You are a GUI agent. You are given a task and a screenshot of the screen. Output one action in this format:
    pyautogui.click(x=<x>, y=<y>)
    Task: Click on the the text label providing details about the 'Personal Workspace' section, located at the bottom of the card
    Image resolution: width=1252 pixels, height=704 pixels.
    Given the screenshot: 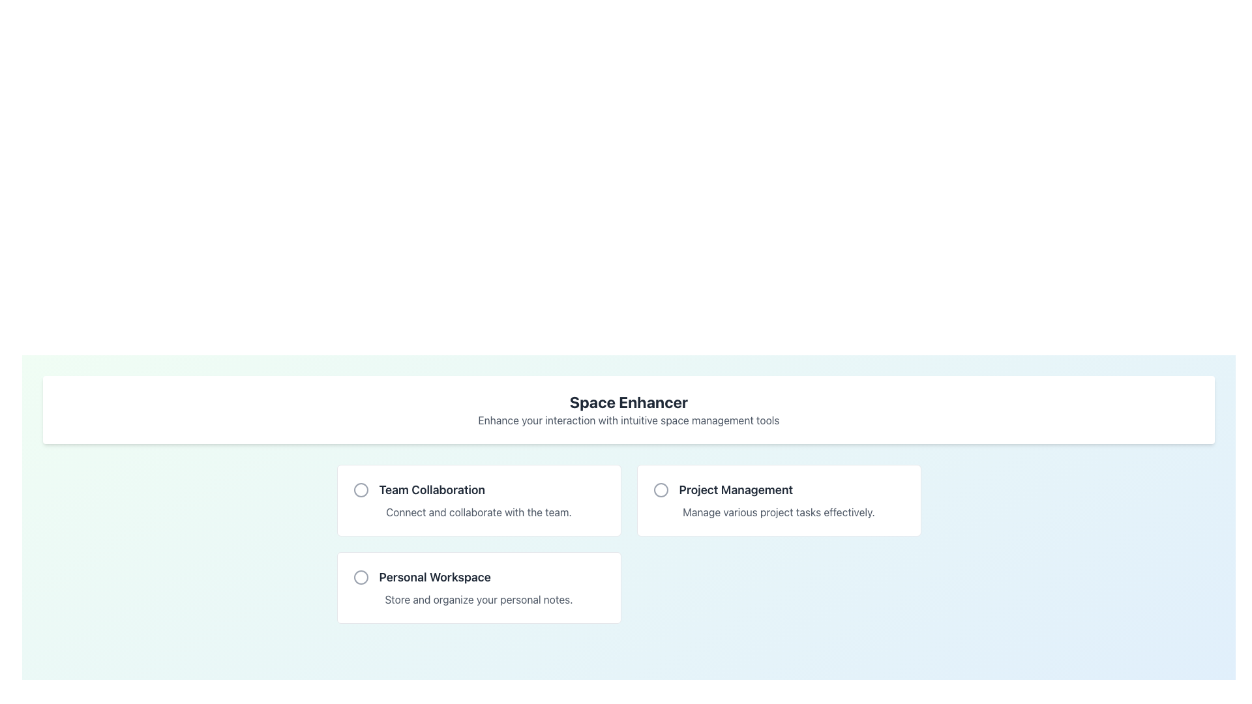 What is the action you would take?
    pyautogui.click(x=478, y=600)
    